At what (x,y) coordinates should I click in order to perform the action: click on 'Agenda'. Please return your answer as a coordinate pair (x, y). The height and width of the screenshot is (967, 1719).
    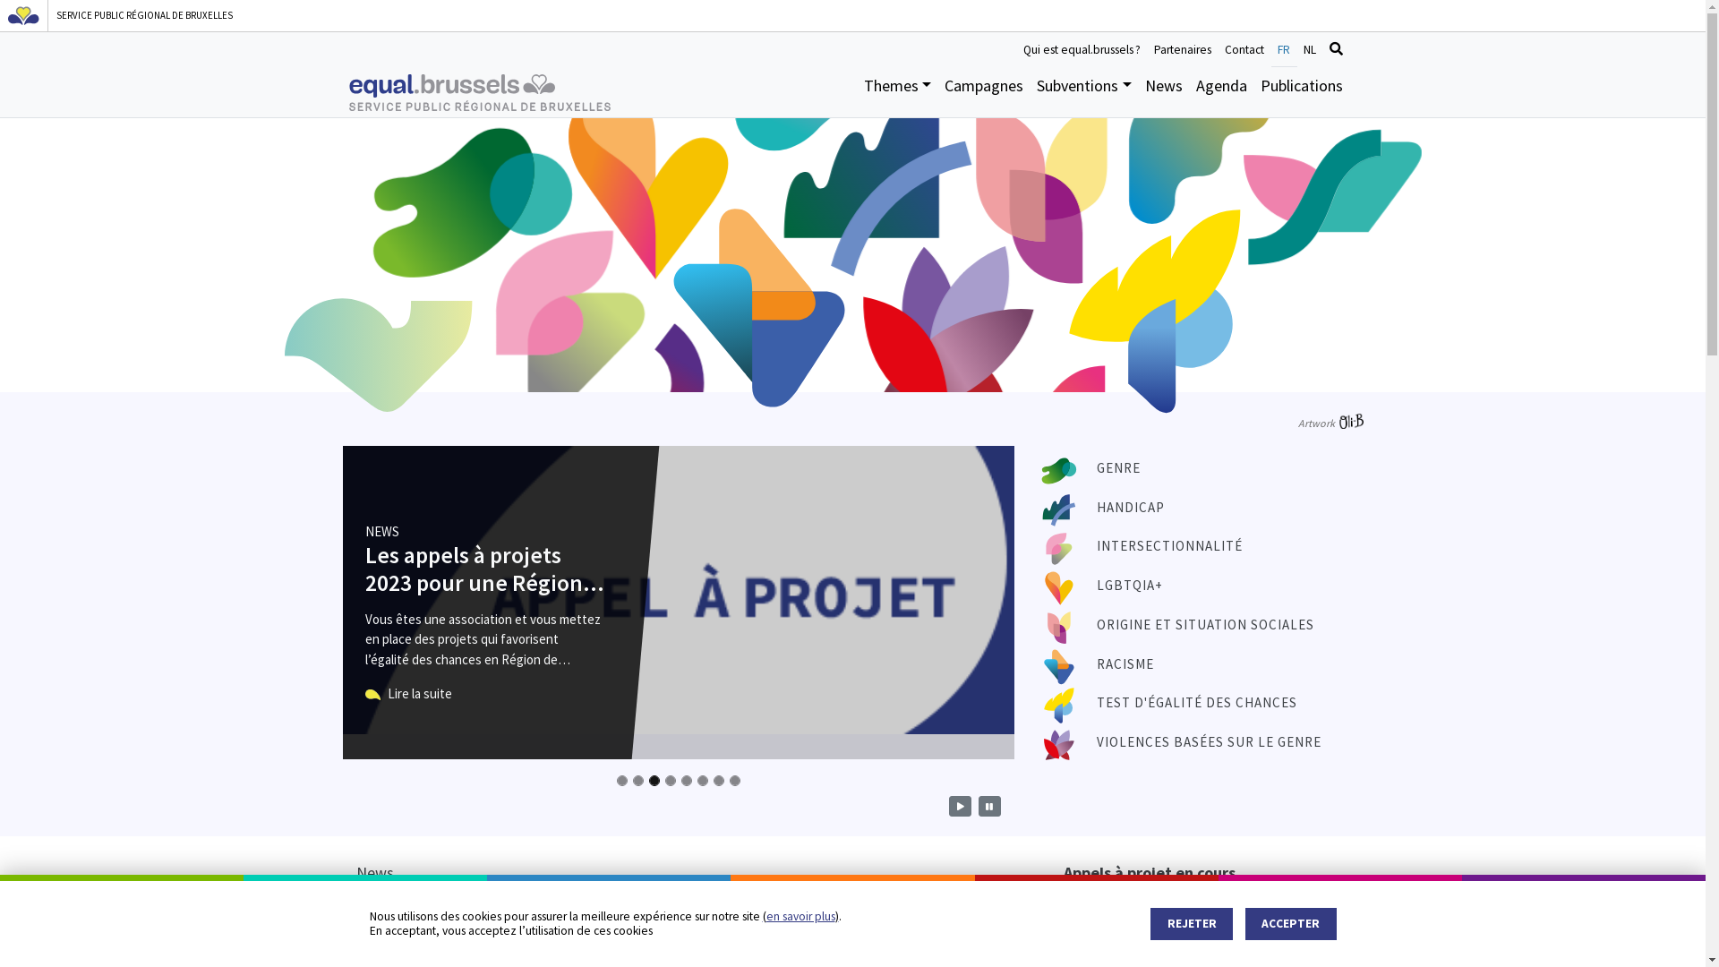
    Looking at the image, I should click on (1219, 91).